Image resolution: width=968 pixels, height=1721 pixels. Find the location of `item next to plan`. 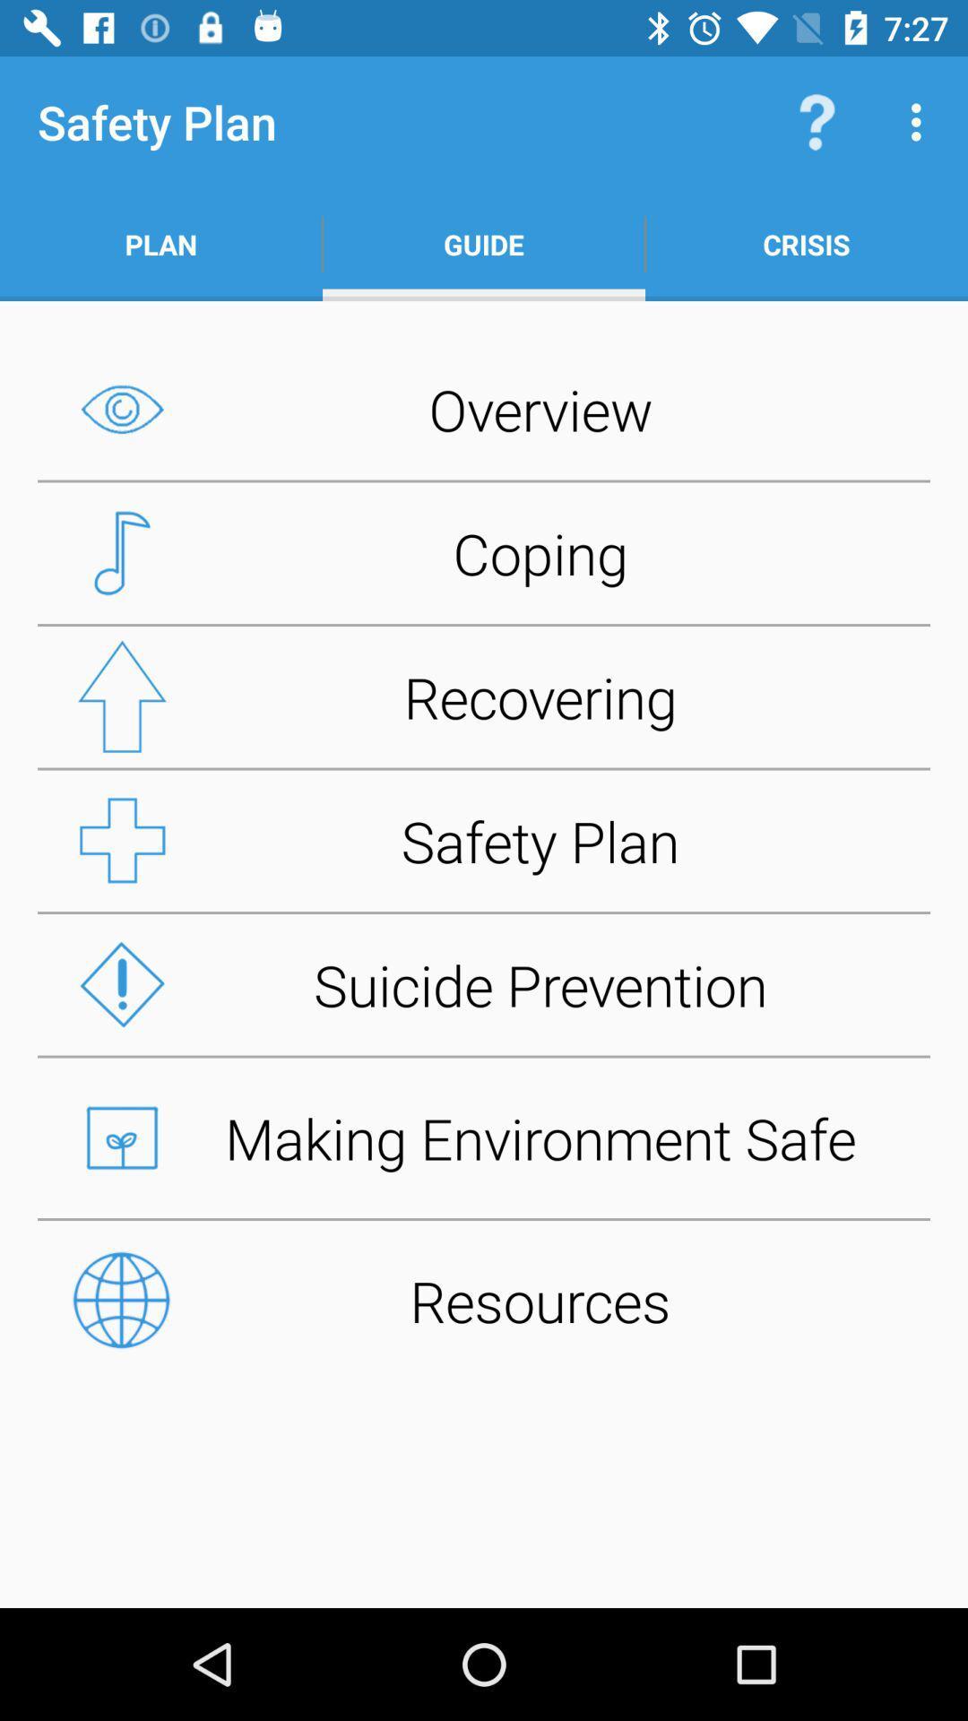

item next to plan is located at coordinates (484, 244).